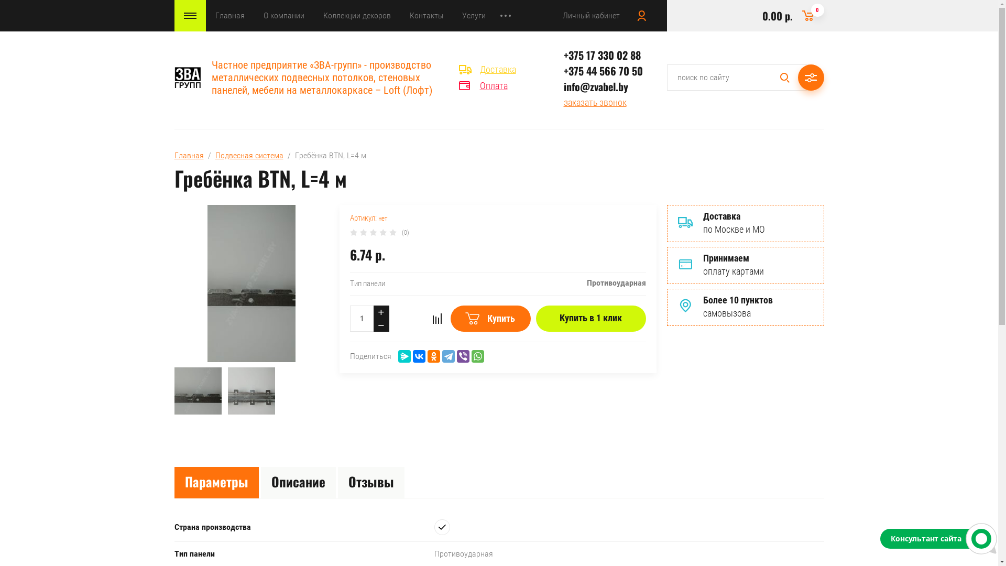  What do you see at coordinates (477, 355) in the screenshot?
I see `'WhatsApp'` at bounding box center [477, 355].